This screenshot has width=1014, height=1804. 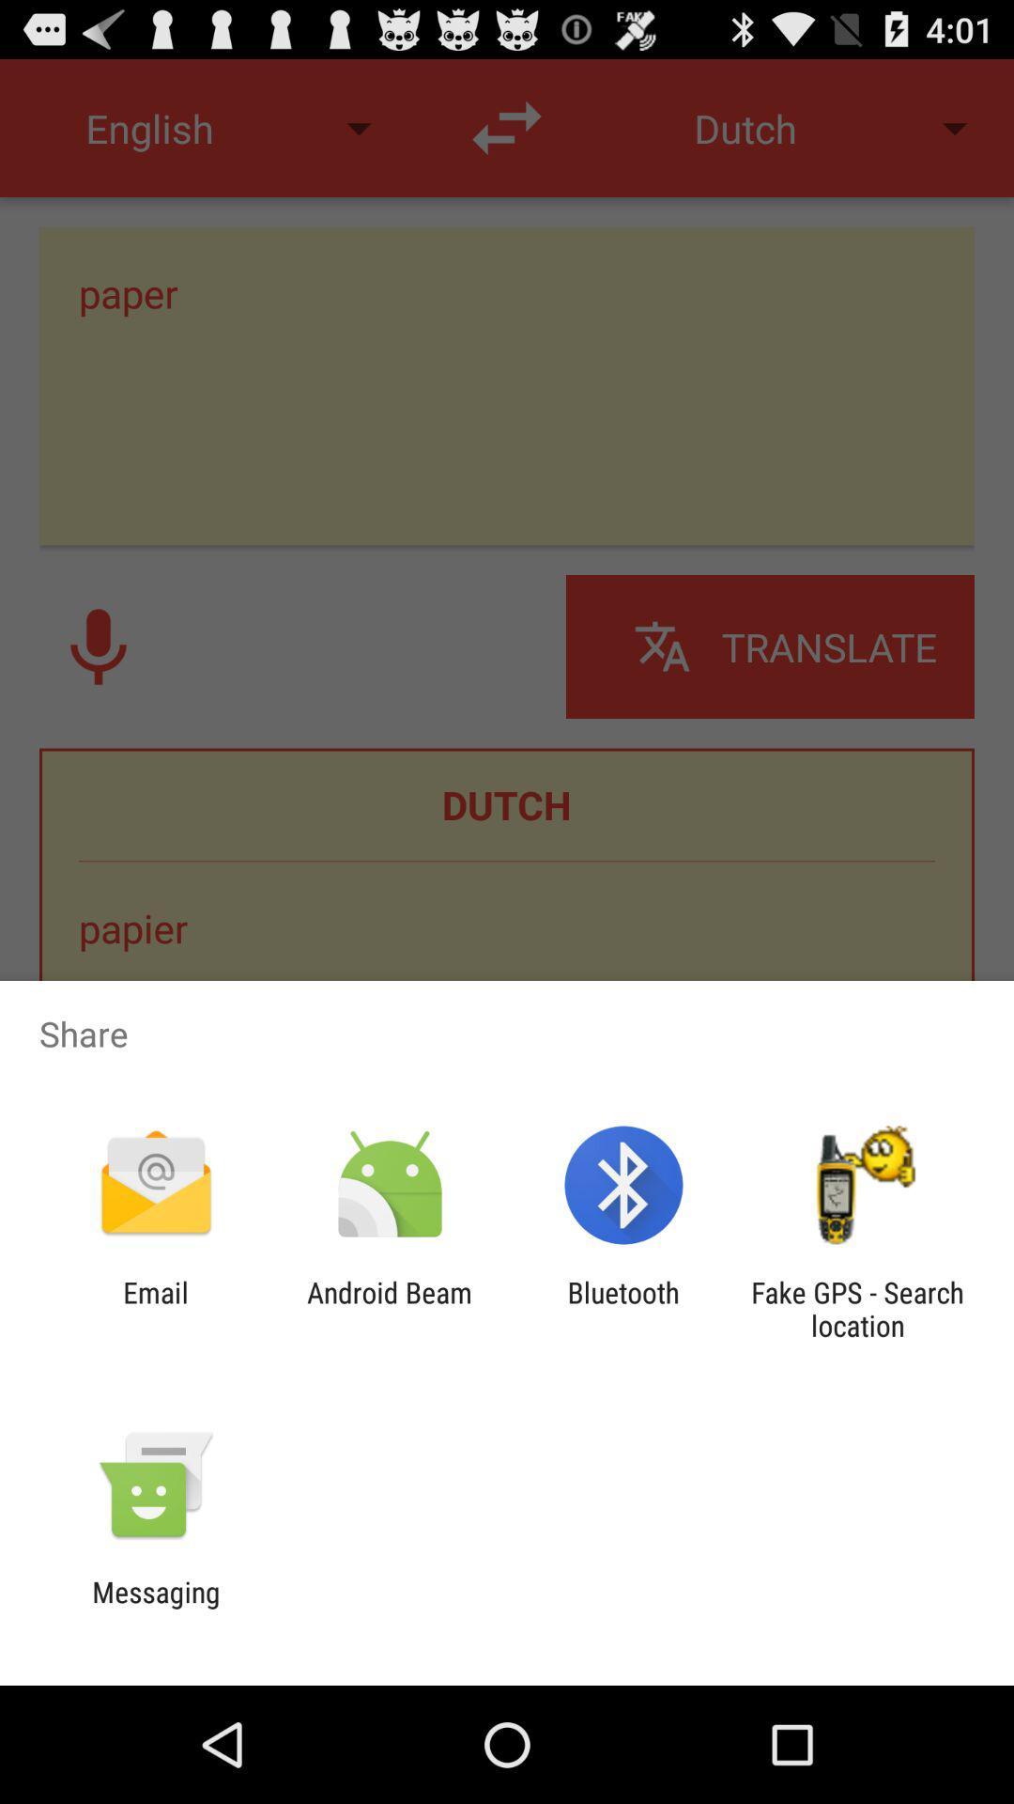 What do you see at coordinates (857, 1308) in the screenshot?
I see `icon to the right of the bluetooth item` at bounding box center [857, 1308].